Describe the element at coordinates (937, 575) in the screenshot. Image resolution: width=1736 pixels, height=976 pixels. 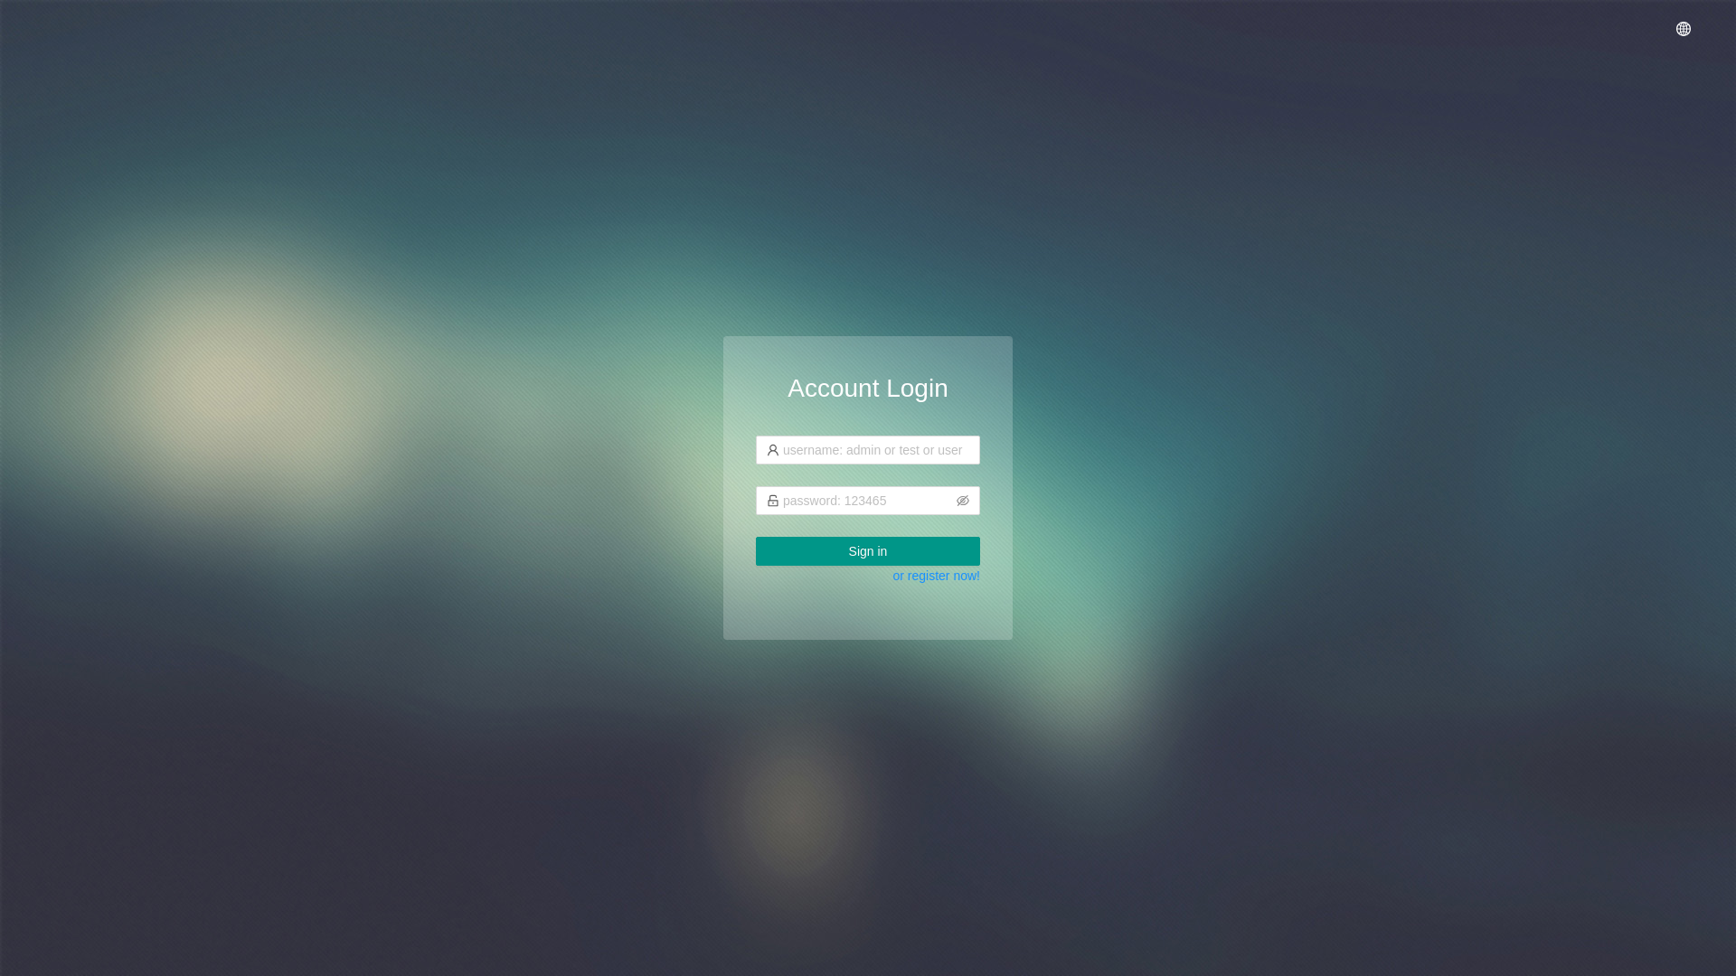
I see `'or register now!'` at that location.